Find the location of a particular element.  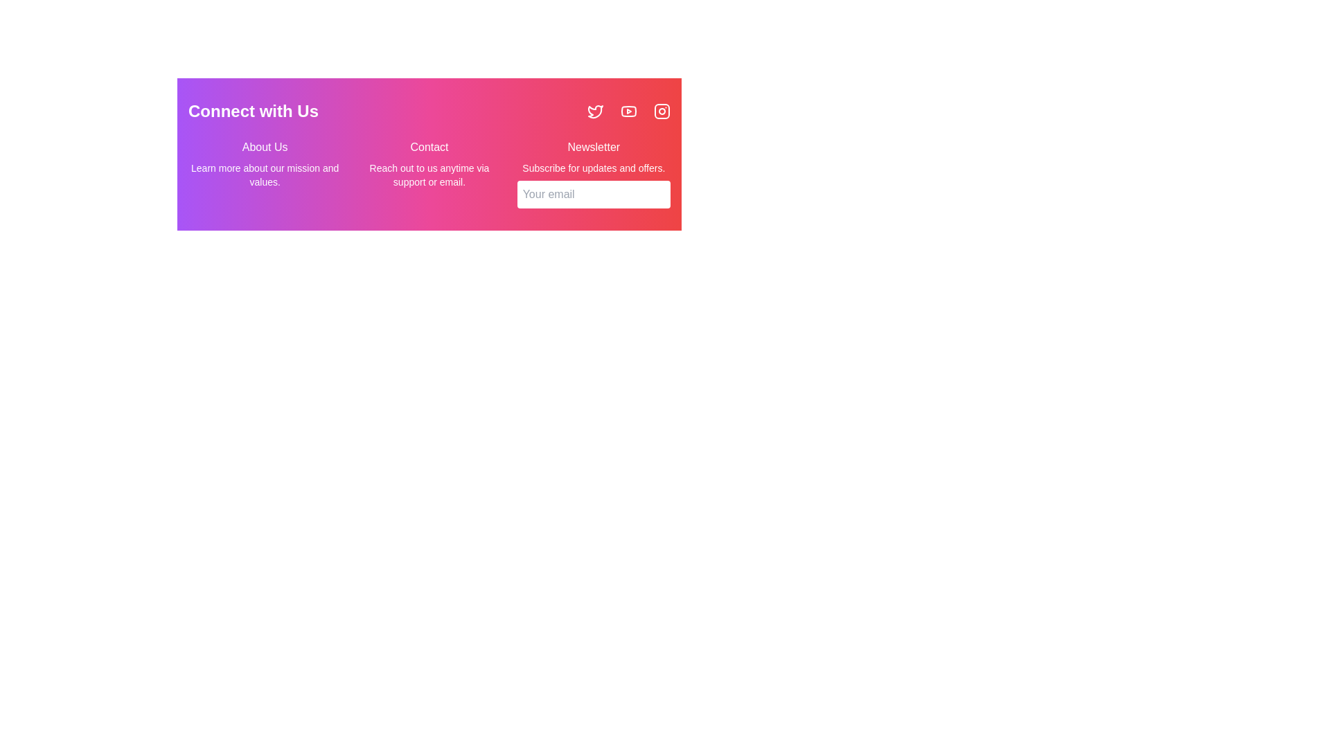

the Text Block that provides a brief description of the organization's mission and values, located at the top left of the three-column grid layout, immediately to the left of the 'Contact' section is located at coordinates (265, 172).